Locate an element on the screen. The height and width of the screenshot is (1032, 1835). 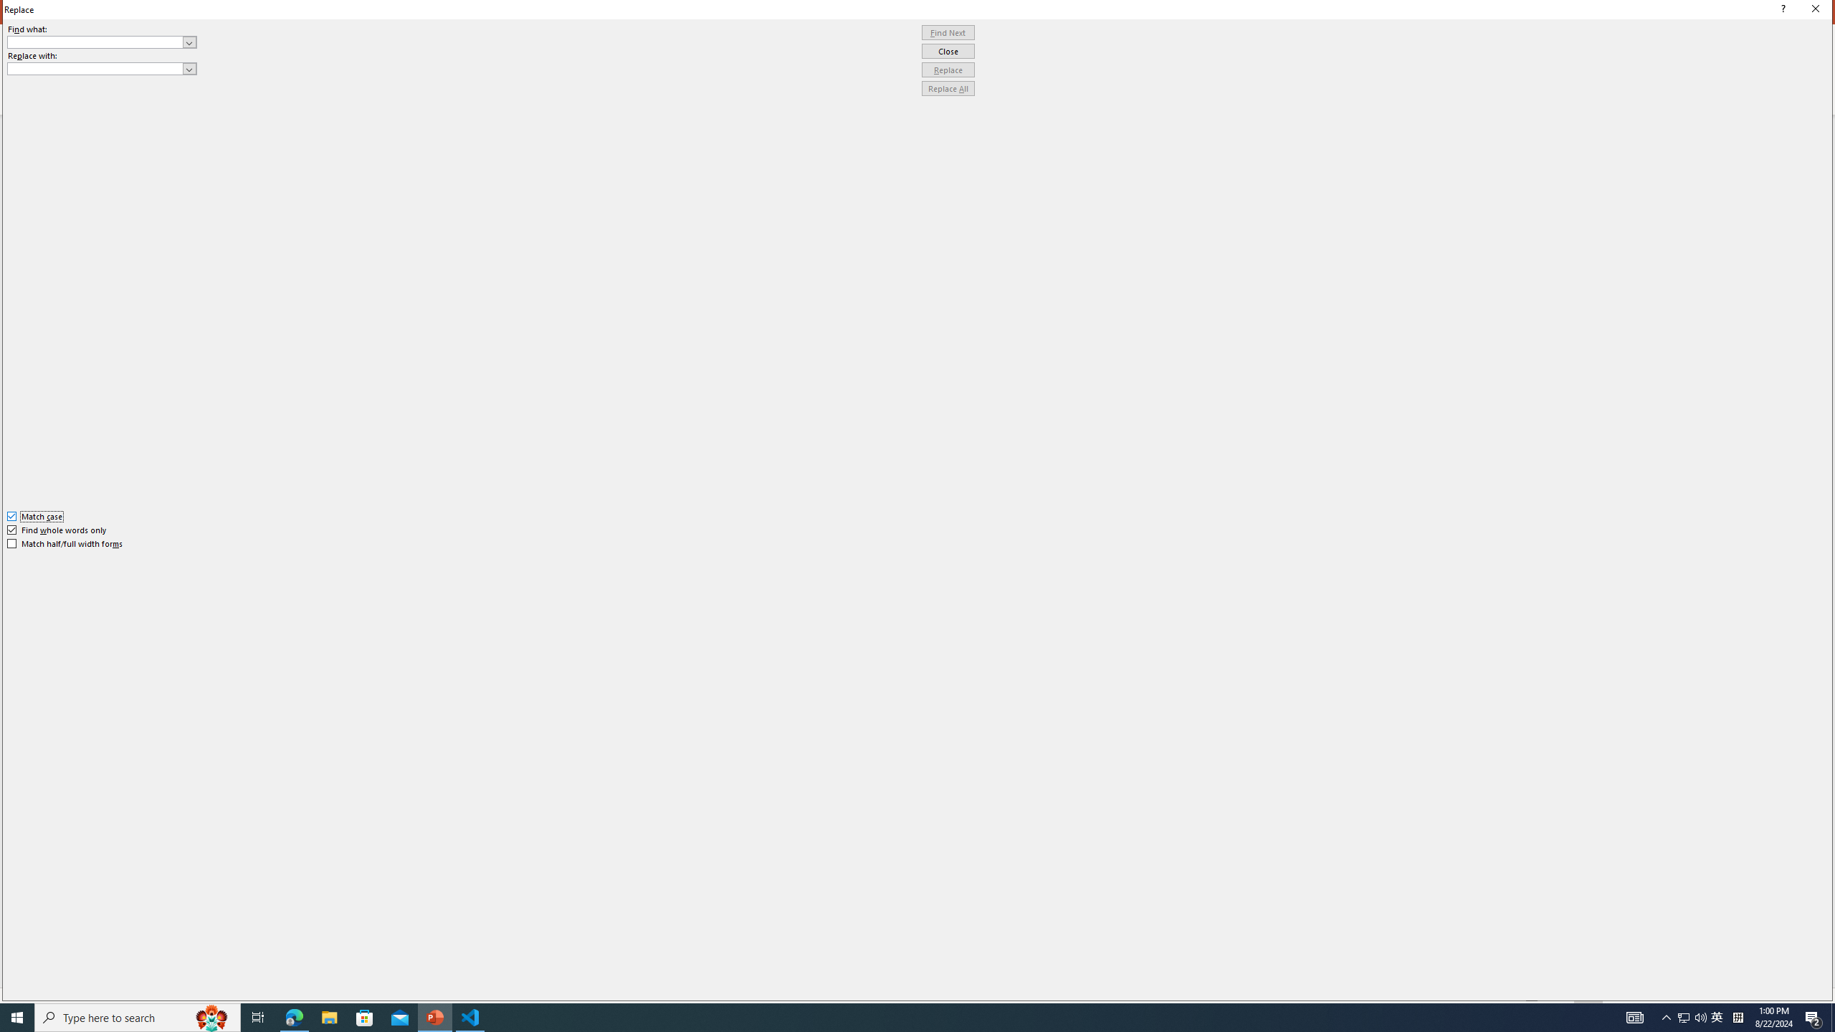
'Find whole words only' is located at coordinates (57, 530).